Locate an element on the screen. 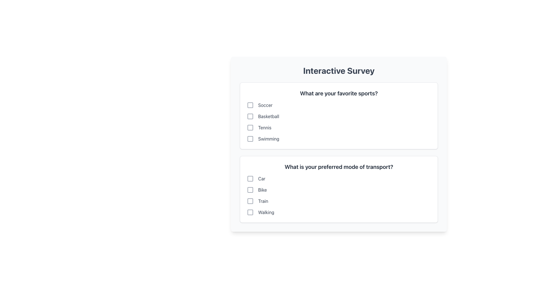  the 'Soccer' label, which is styled with gray color and located next to a checkbox in the list of favorite sports options is located at coordinates (265, 105).